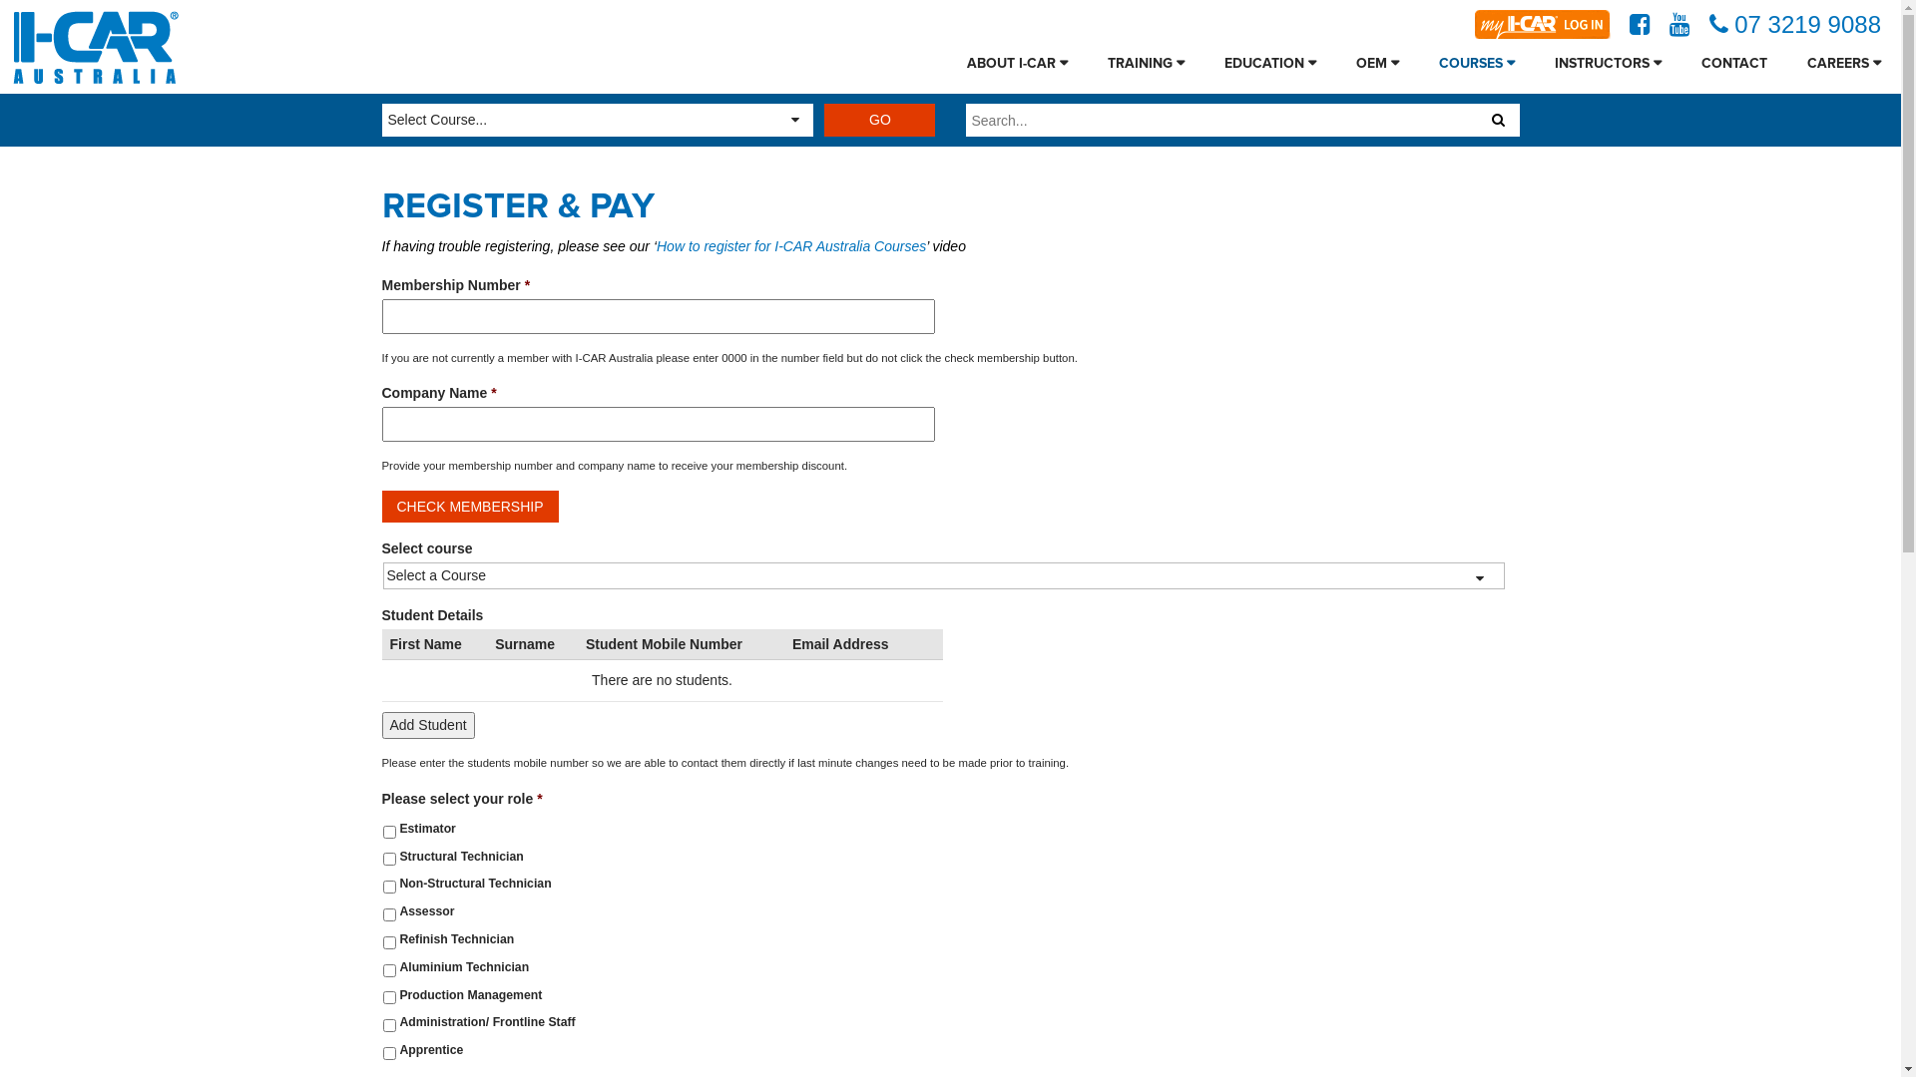 This screenshot has width=1916, height=1077. Describe the element at coordinates (789, 244) in the screenshot. I see `'How to register for I-CAR Australia Courses'` at that location.